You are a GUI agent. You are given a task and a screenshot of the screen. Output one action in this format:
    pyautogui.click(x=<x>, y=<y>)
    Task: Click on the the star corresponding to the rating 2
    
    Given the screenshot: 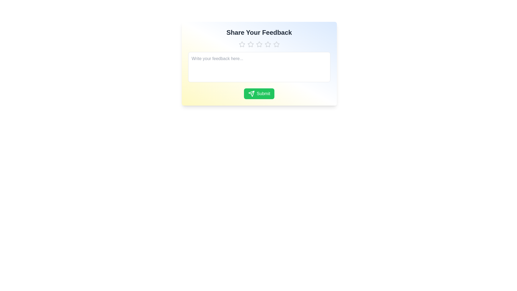 What is the action you would take?
    pyautogui.click(x=250, y=44)
    